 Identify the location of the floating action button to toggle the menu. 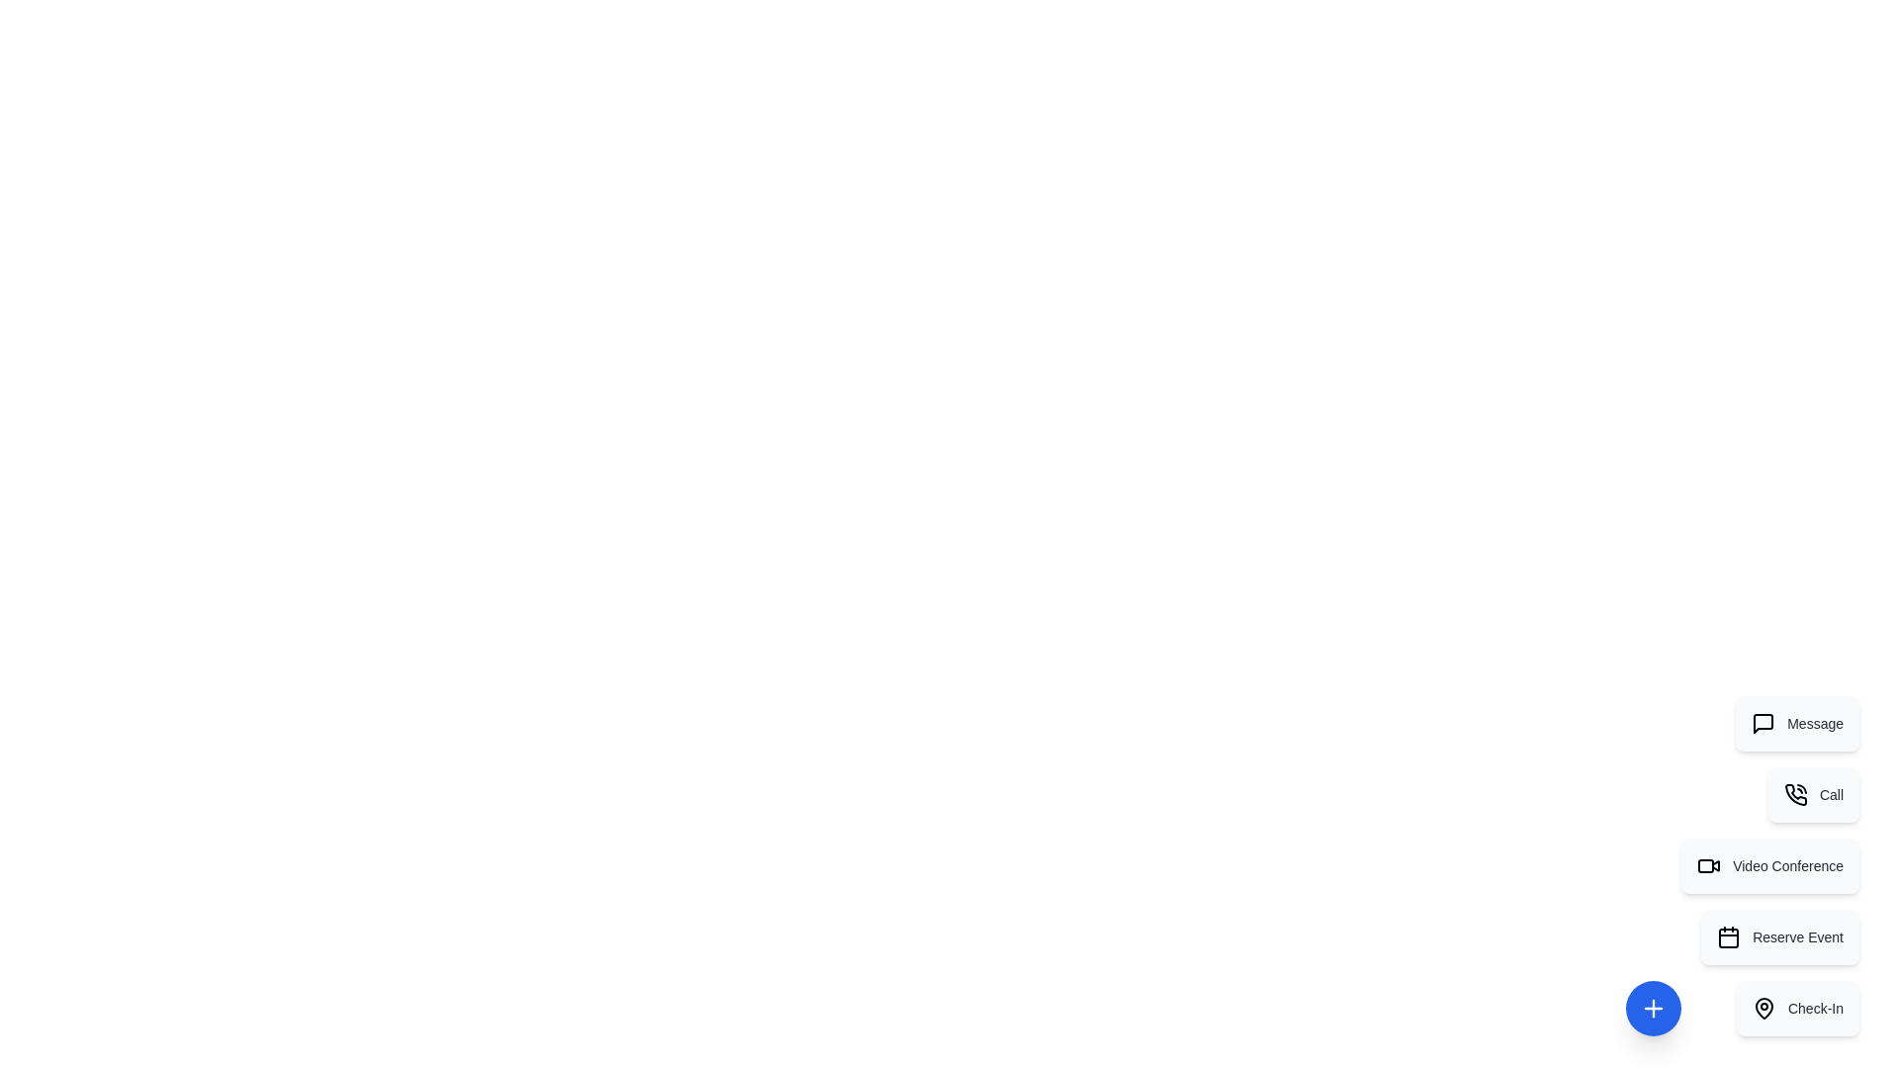
(1654, 1008).